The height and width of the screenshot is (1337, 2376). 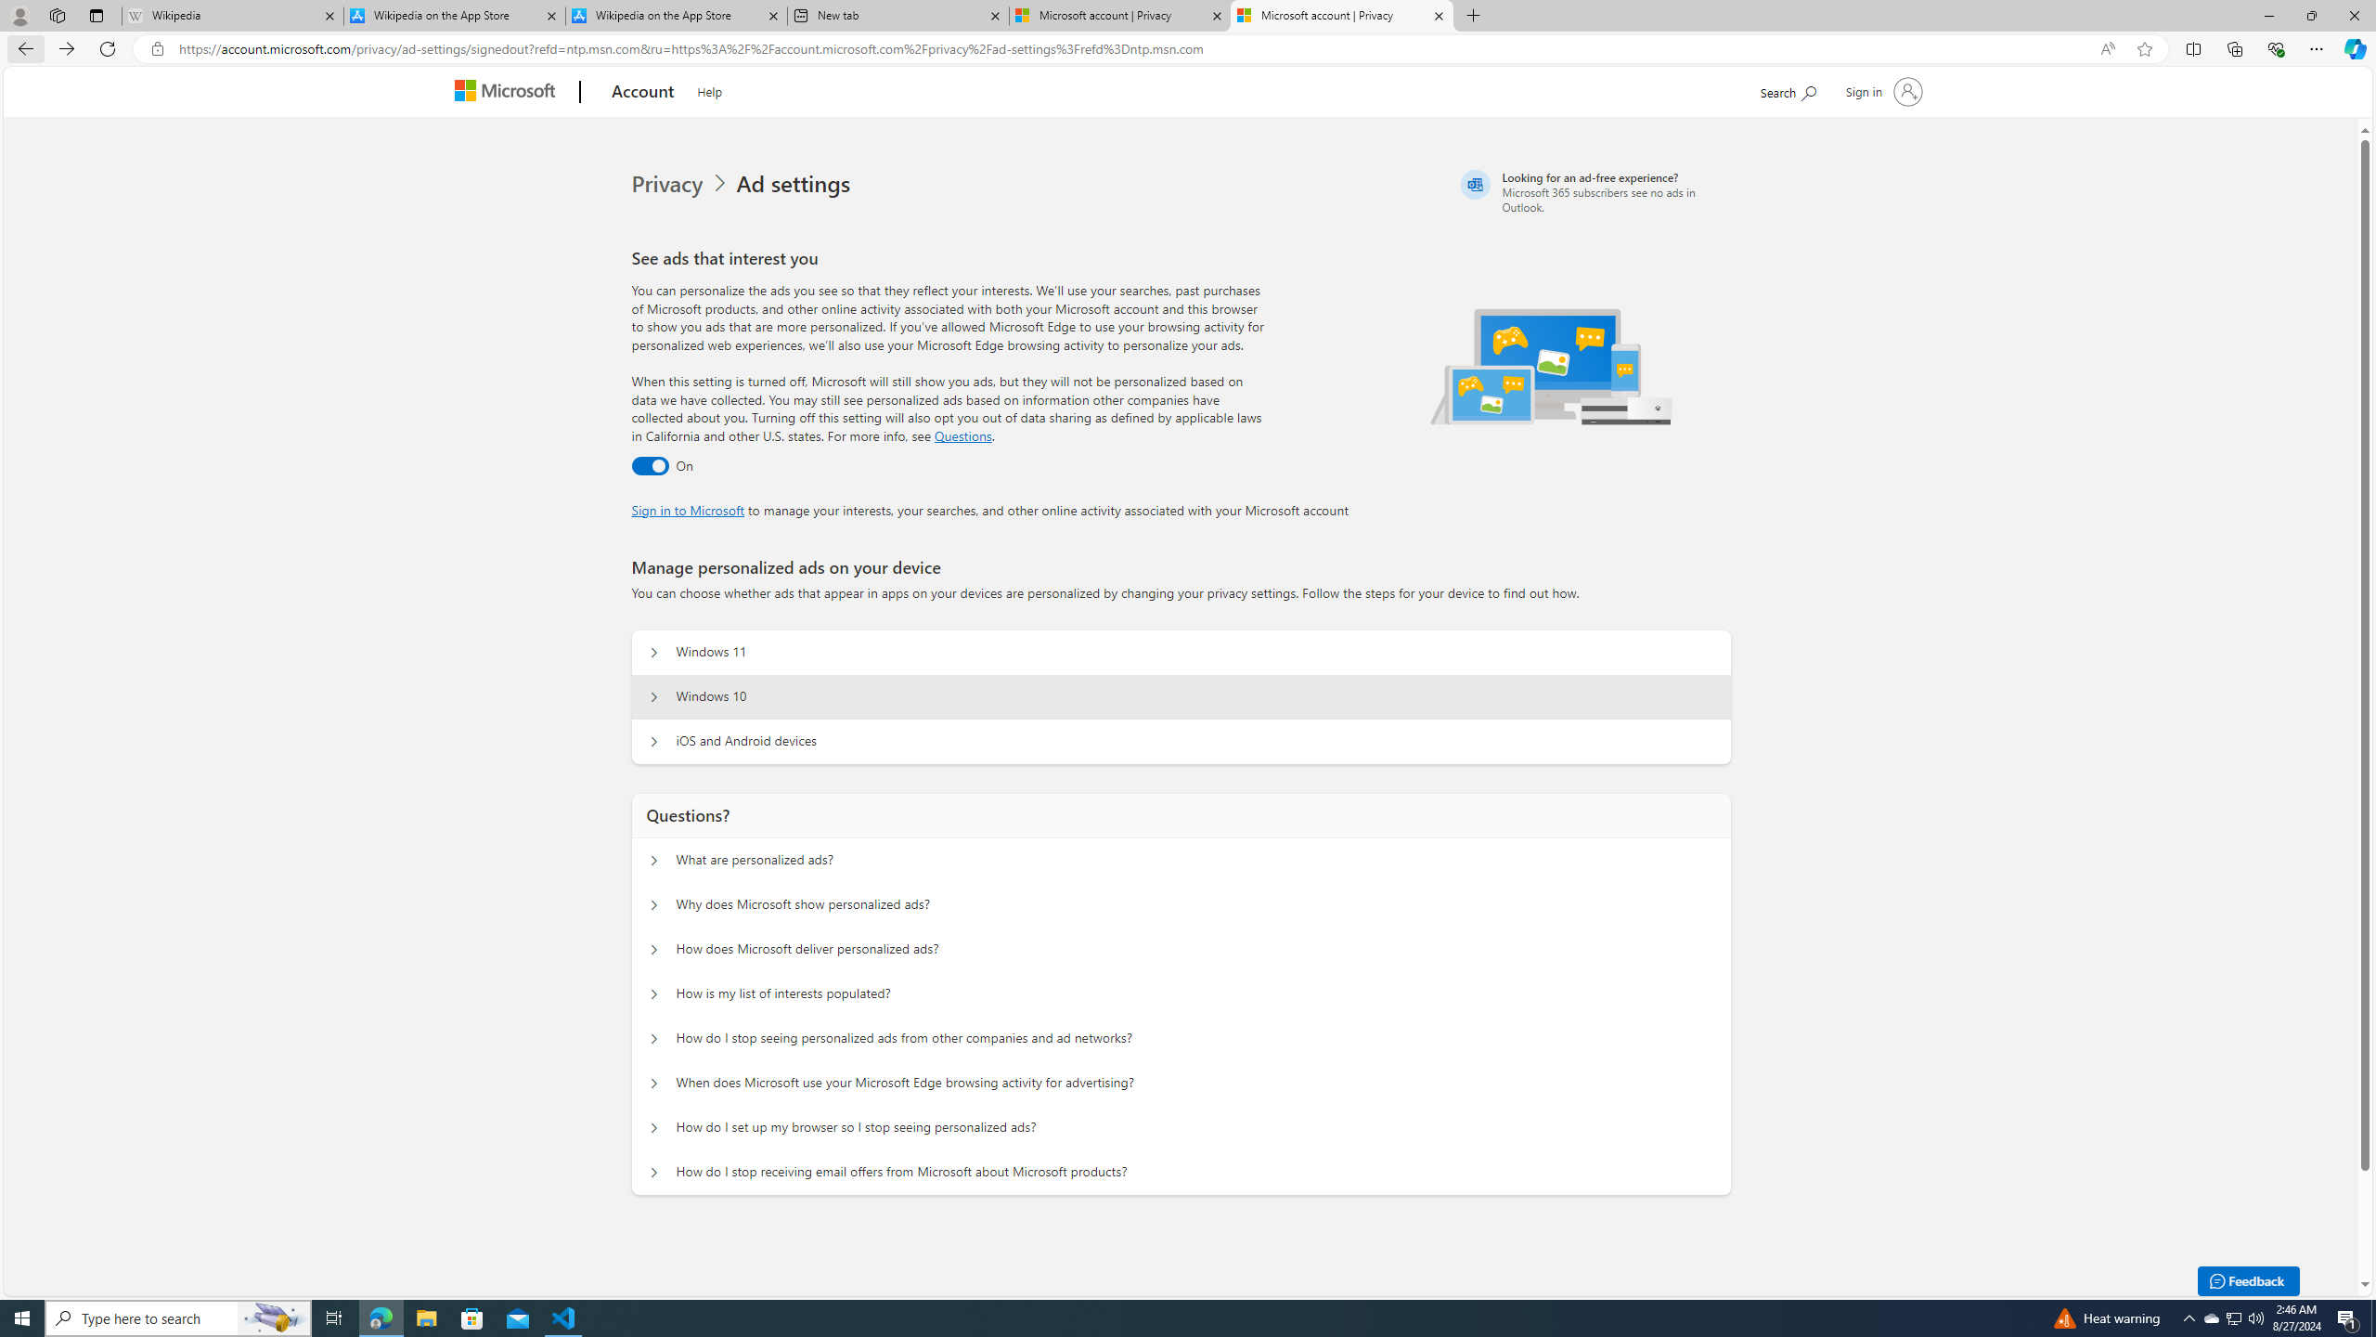 What do you see at coordinates (158, 49) in the screenshot?
I see `'View site information'` at bounding box center [158, 49].